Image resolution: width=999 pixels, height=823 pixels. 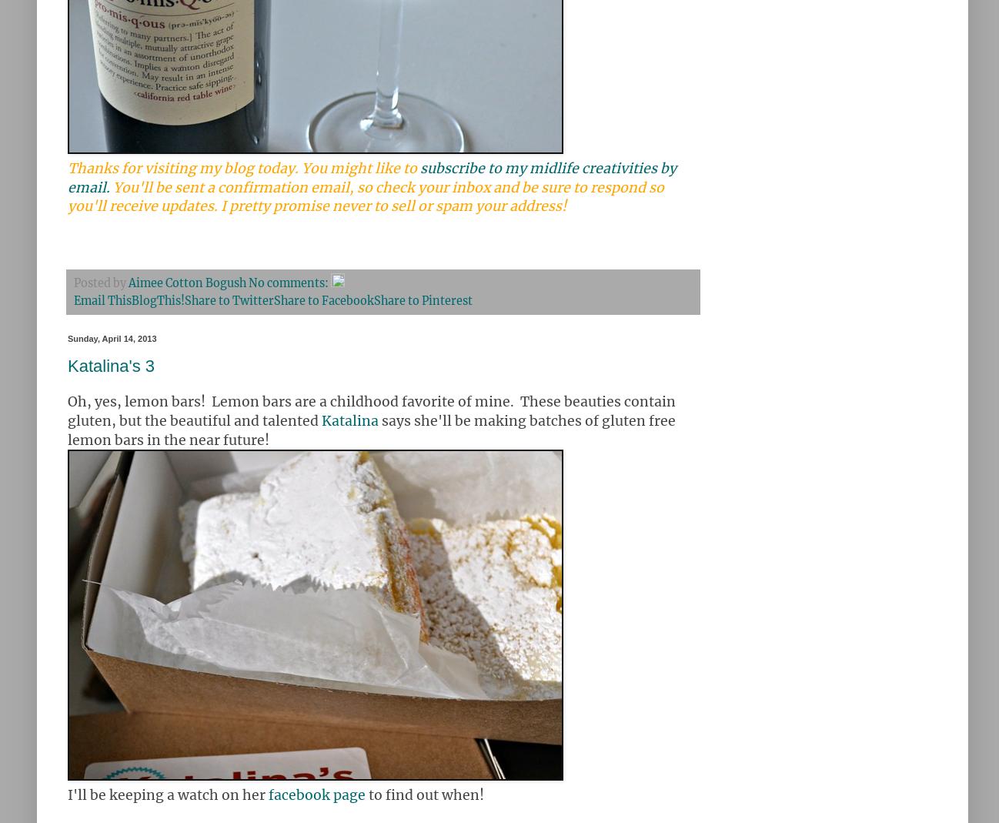 I want to click on 'Thanks for visiting my blog today.  You might like to', so click(x=242, y=168).